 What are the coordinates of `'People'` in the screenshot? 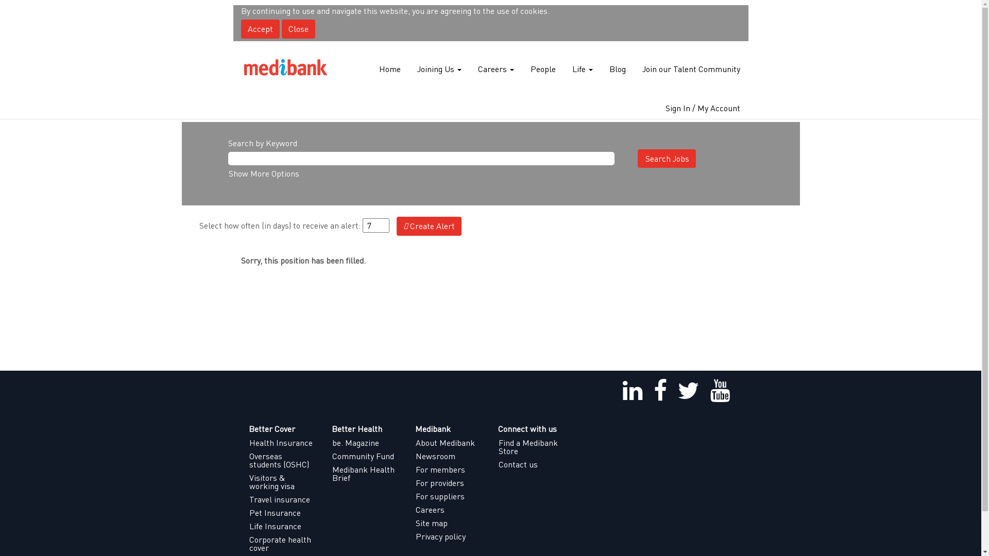 It's located at (542, 69).